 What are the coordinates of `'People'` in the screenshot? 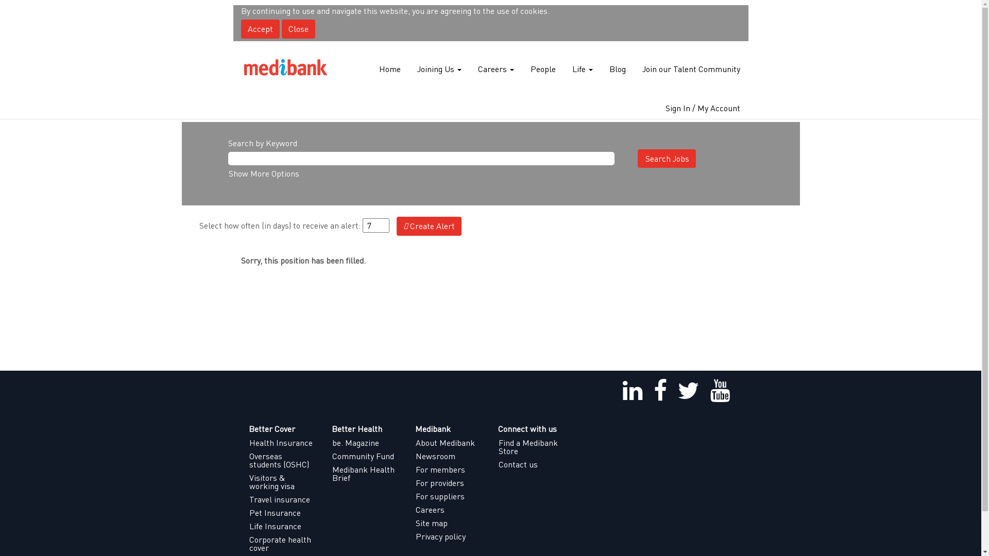 It's located at (542, 69).